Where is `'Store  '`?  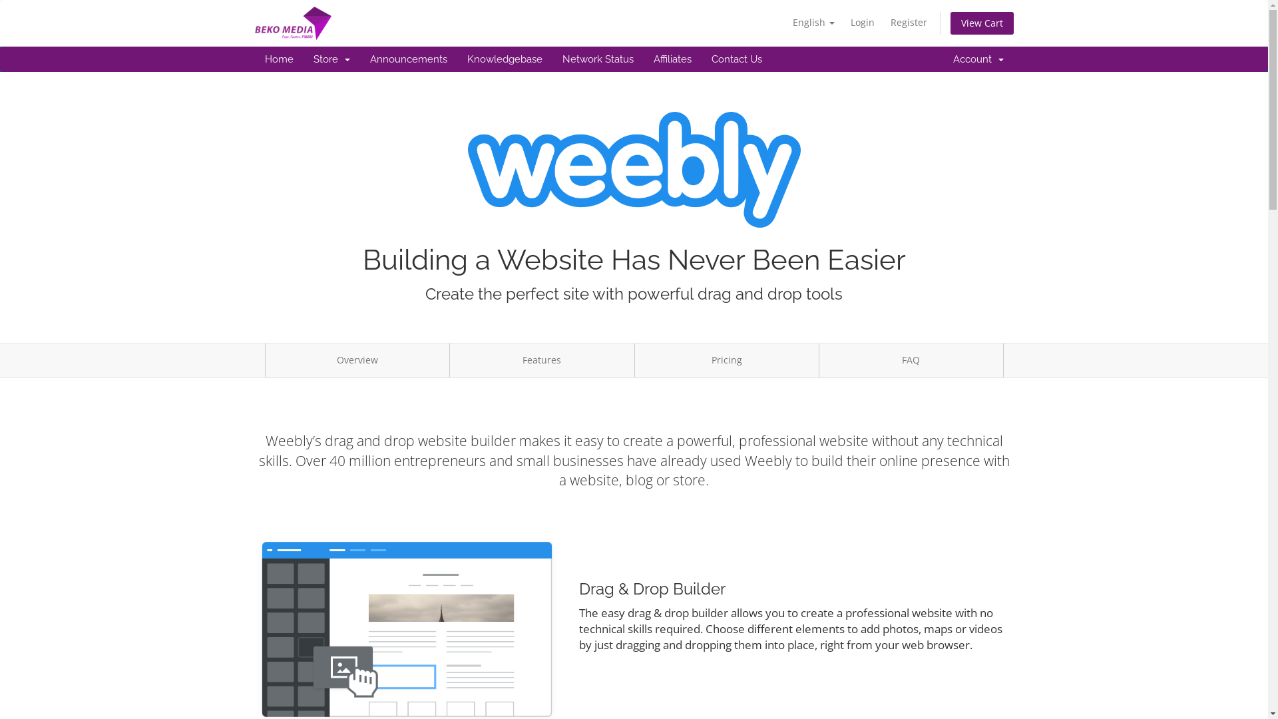 'Store  ' is located at coordinates (331, 58).